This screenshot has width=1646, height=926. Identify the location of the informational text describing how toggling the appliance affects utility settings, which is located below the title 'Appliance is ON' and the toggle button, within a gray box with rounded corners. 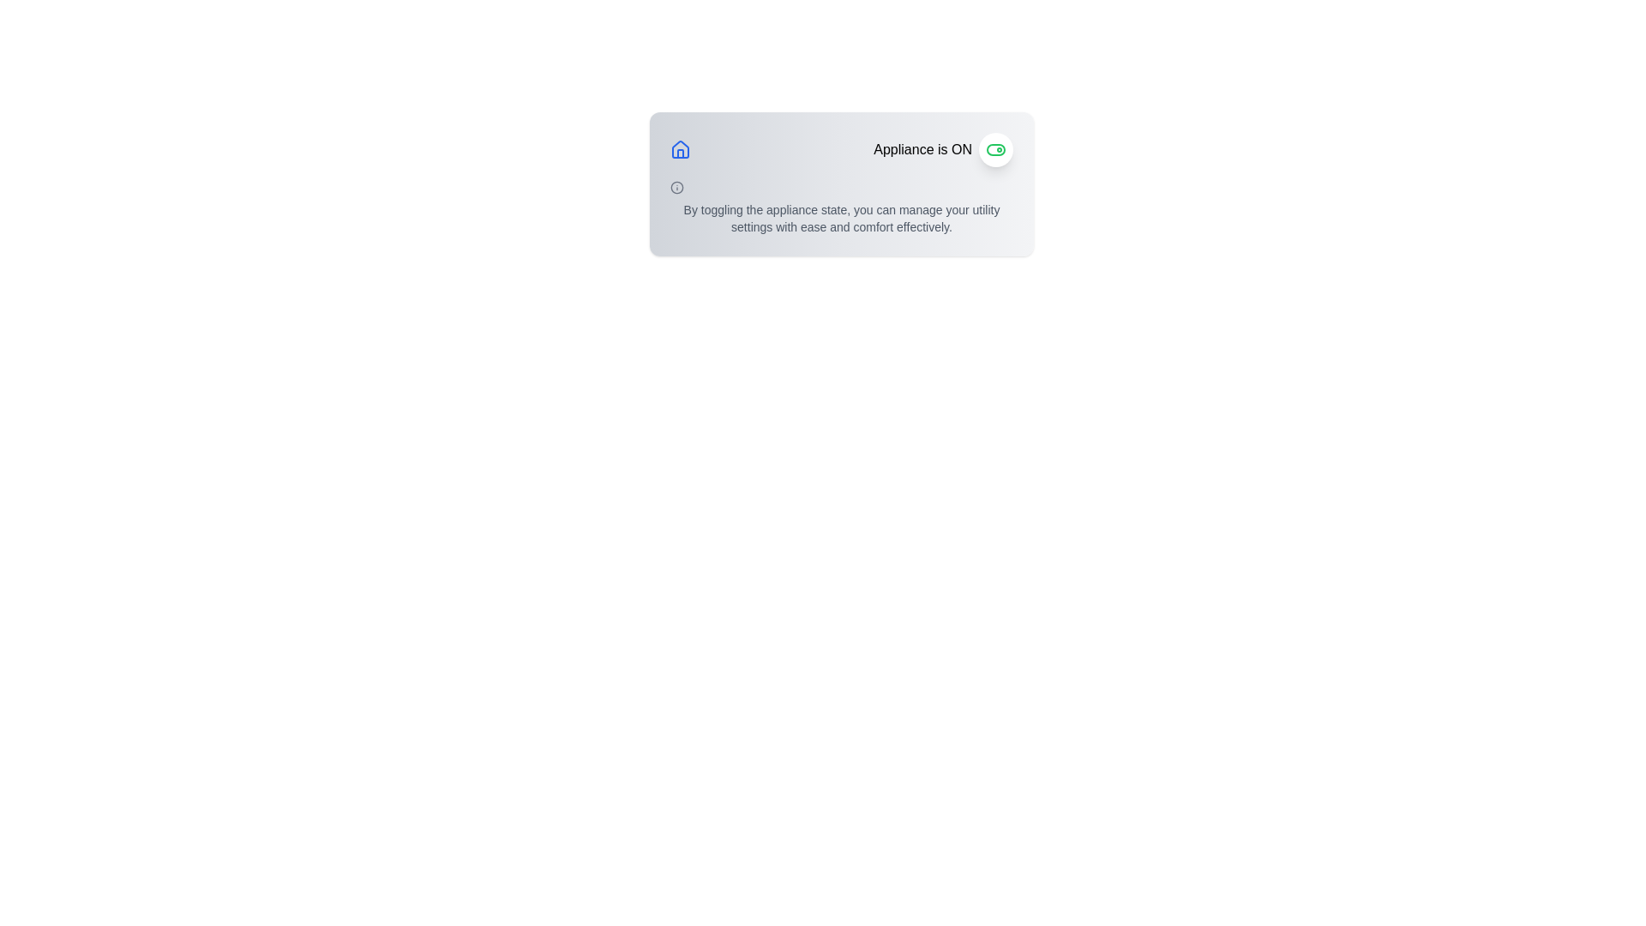
(842, 207).